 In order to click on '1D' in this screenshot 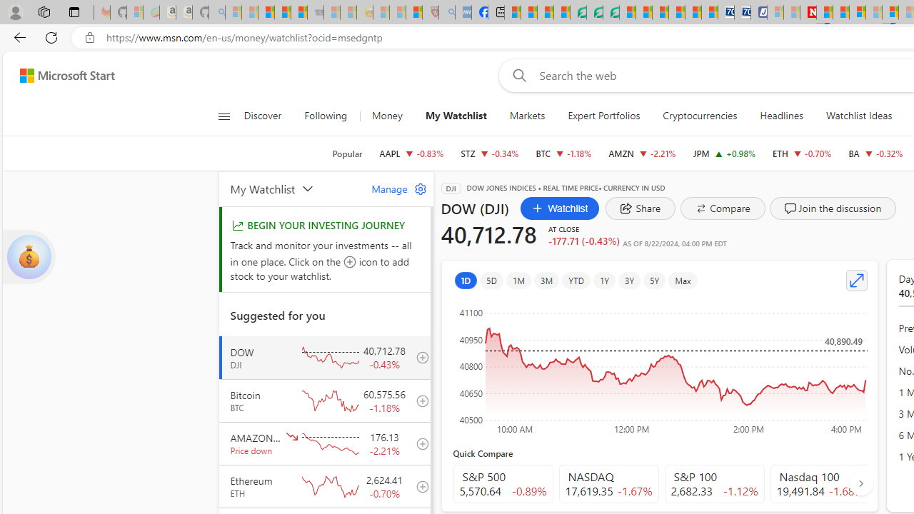, I will do `click(466, 280)`.